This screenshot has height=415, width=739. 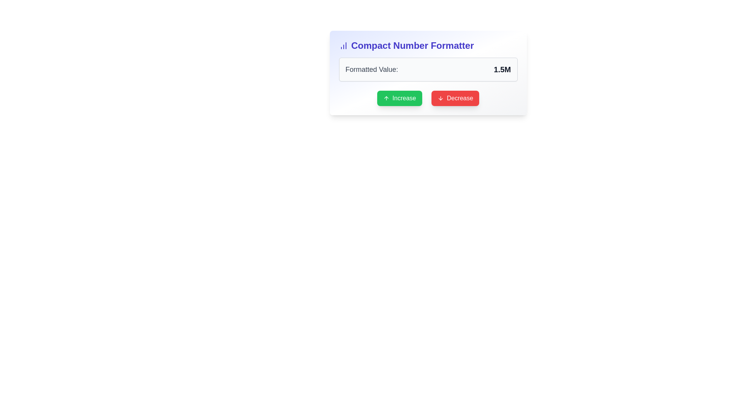 I want to click on the text label styled with medium-sized, gray-colored font that reads 'Formatted Value:', positioned to the left of the bold text '1.5M', so click(x=371, y=70).